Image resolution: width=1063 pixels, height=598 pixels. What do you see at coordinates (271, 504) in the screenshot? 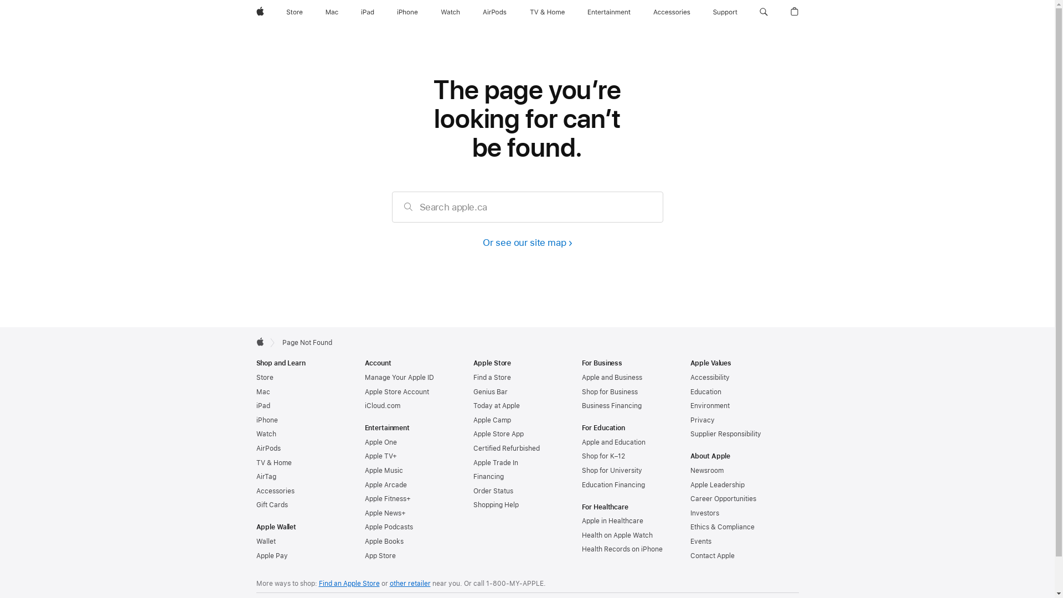
I see `'Gift Cards'` at bounding box center [271, 504].